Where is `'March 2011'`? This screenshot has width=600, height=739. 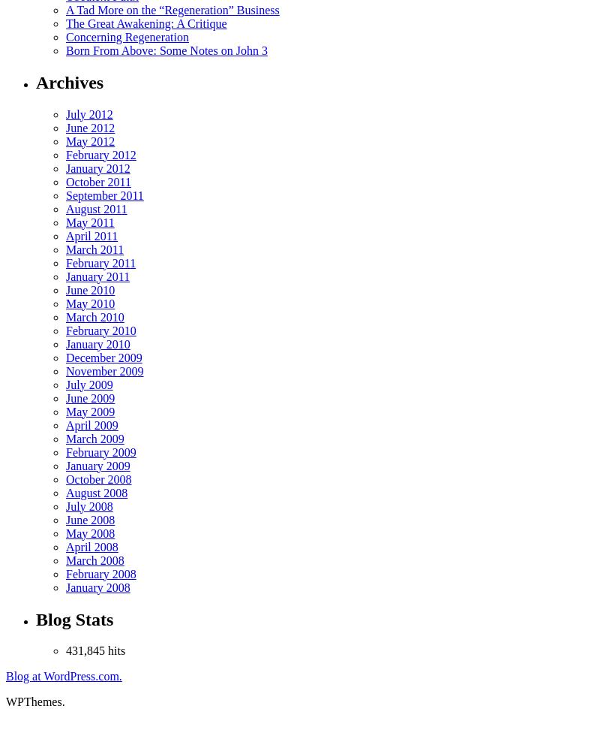
'March 2011' is located at coordinates (94, 248).